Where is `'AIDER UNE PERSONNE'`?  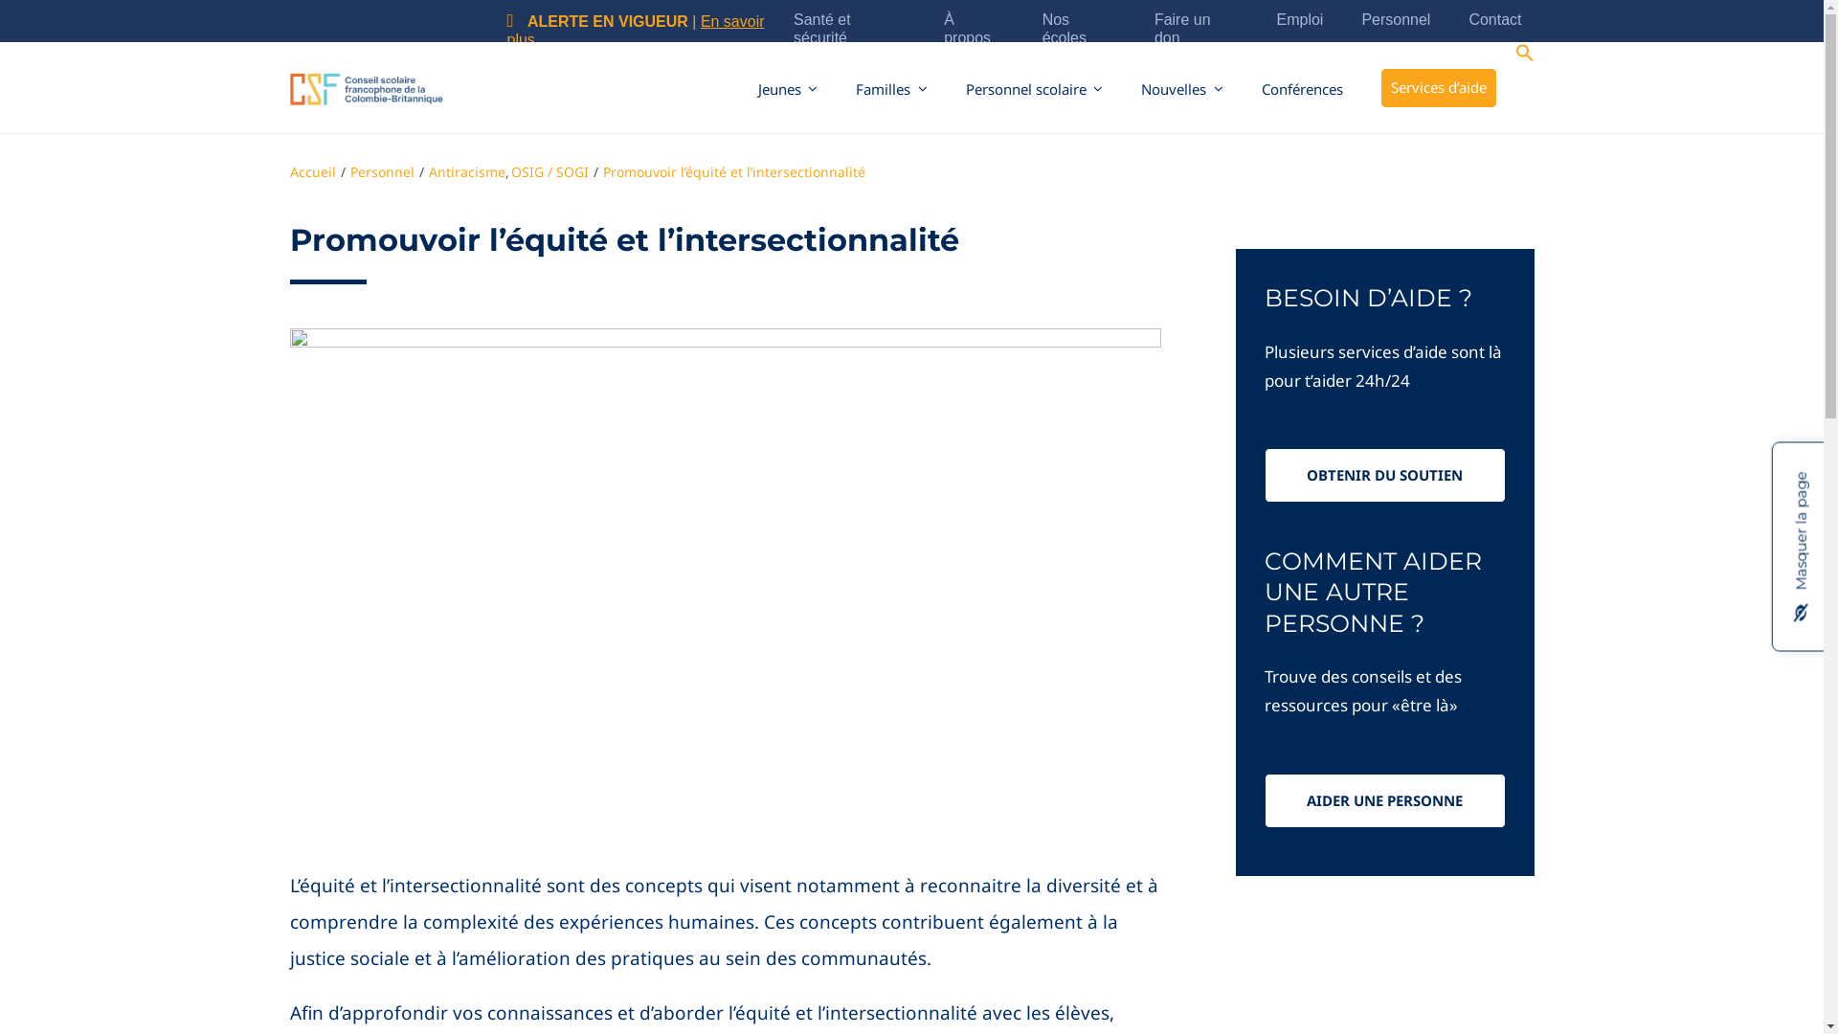 'AIDER UNE PERSONNE' is located at coordinates (1383, 800).